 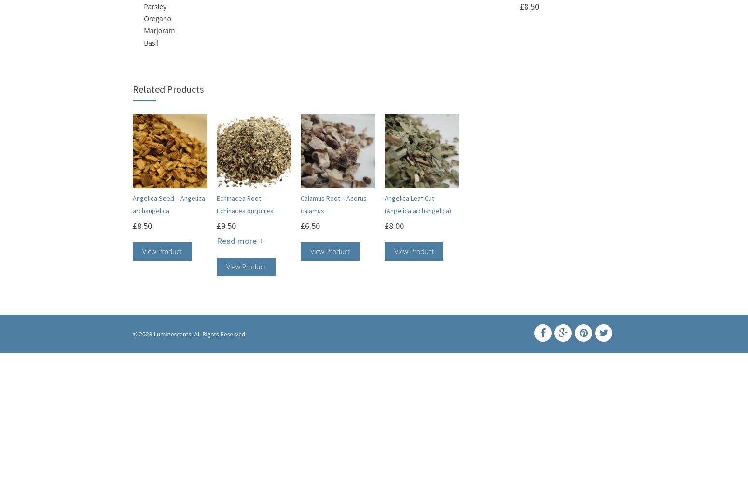 What do you see at coordinates (156, 18) in the screenshot?
I see `'Oregano'` at bounding box center [156, 18].